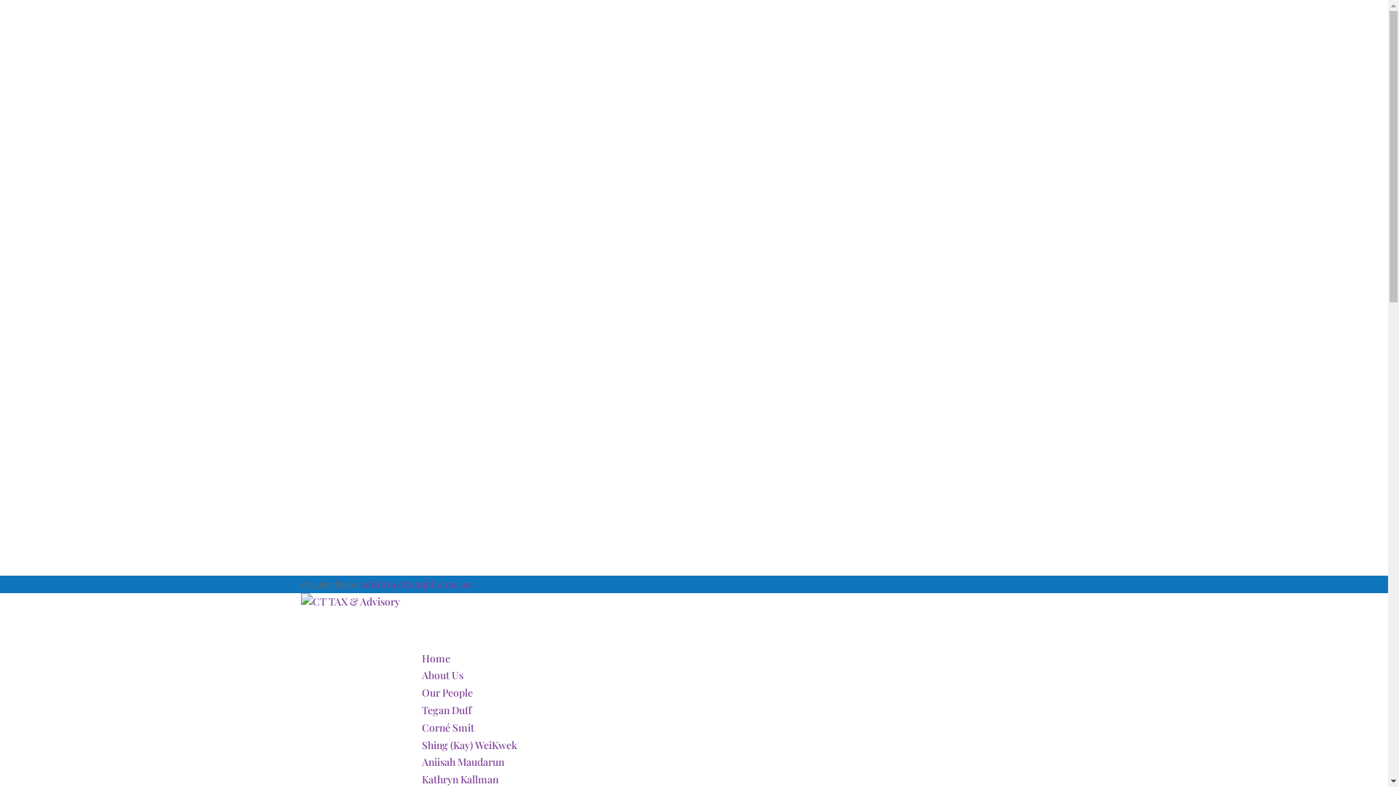  Describe the element at coordinates (444, 709) in the screenshot. I see `'Tegan Duff'` at that location.